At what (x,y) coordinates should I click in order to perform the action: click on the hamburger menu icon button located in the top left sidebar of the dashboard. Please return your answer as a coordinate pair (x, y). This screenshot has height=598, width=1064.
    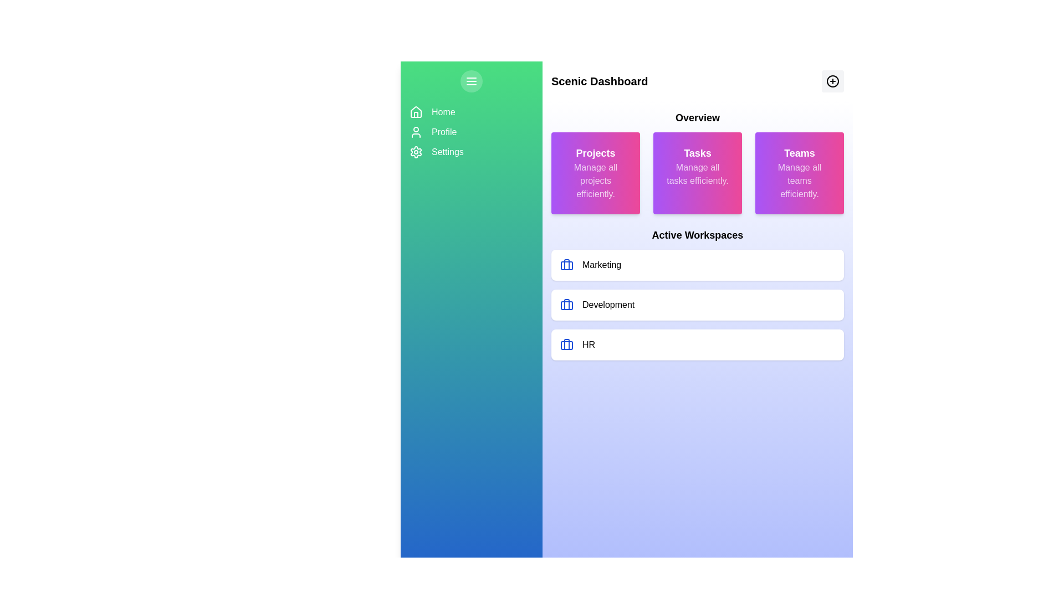
    Looking at the image, I should click on (471, 80).